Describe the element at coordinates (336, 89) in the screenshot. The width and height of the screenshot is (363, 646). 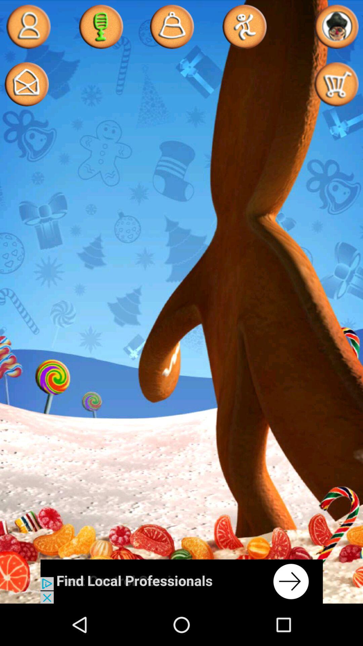
I see `the cart icon` at that location.